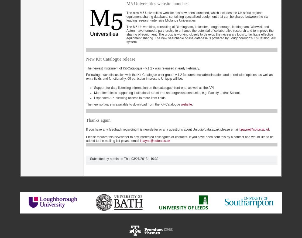  I want to click on 'Please forward this newsletter to any interested colleagues or contacts. If you have been sent this by a contact and would like to be added to the mailing list please email', so click(180, 138).